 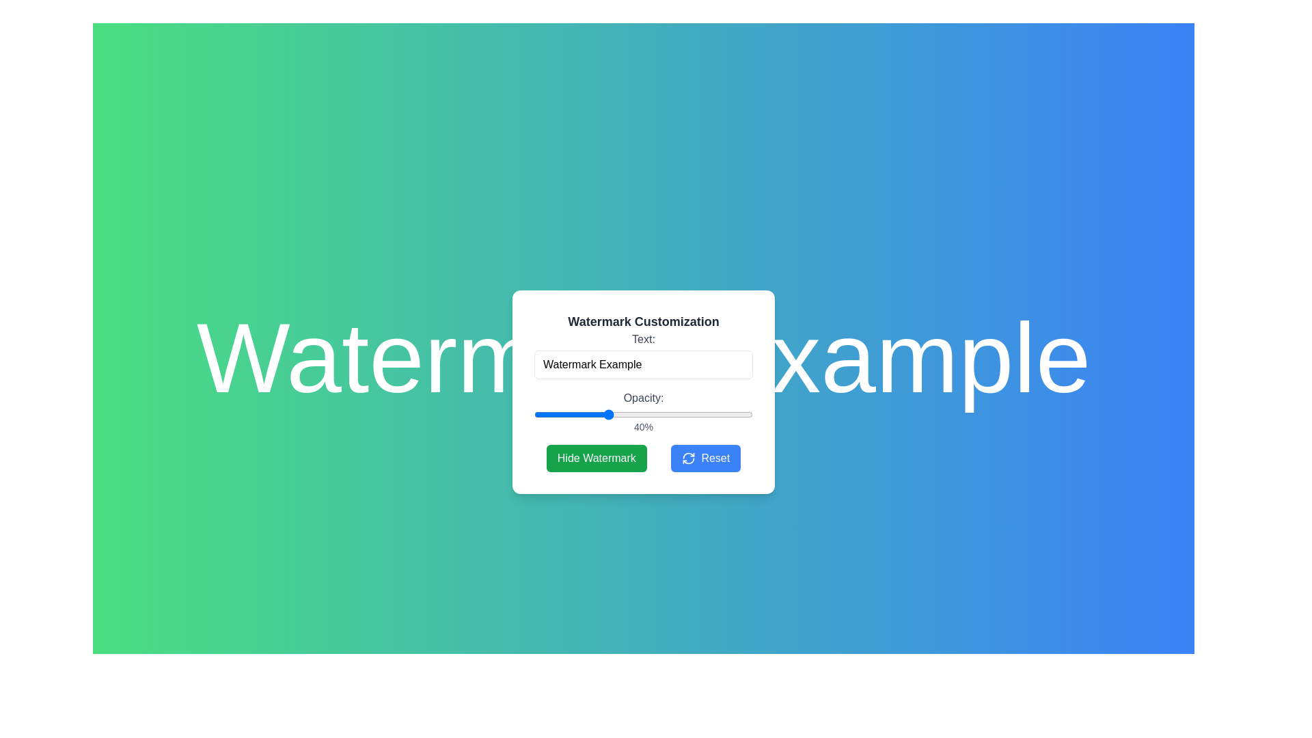 I want to click on opacity, so click(x=682, y=413).